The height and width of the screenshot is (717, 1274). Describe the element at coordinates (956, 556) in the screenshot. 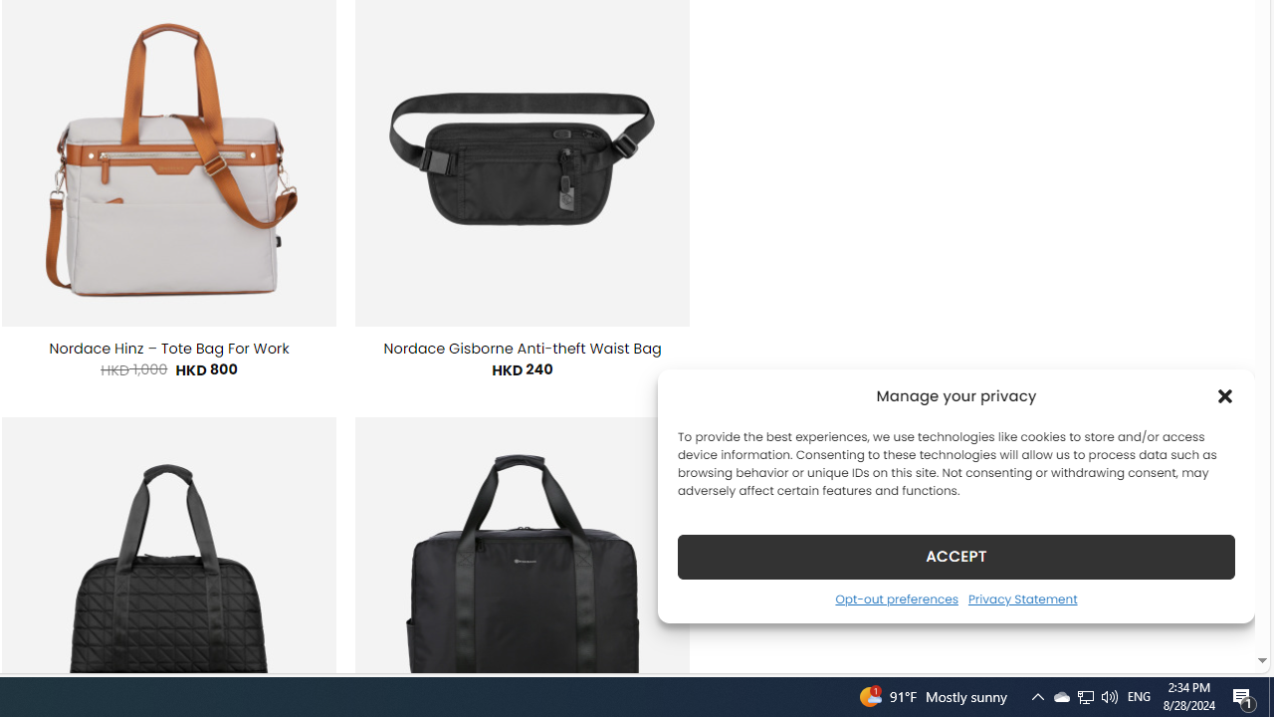

I see `'ACCEPT'` at that location.